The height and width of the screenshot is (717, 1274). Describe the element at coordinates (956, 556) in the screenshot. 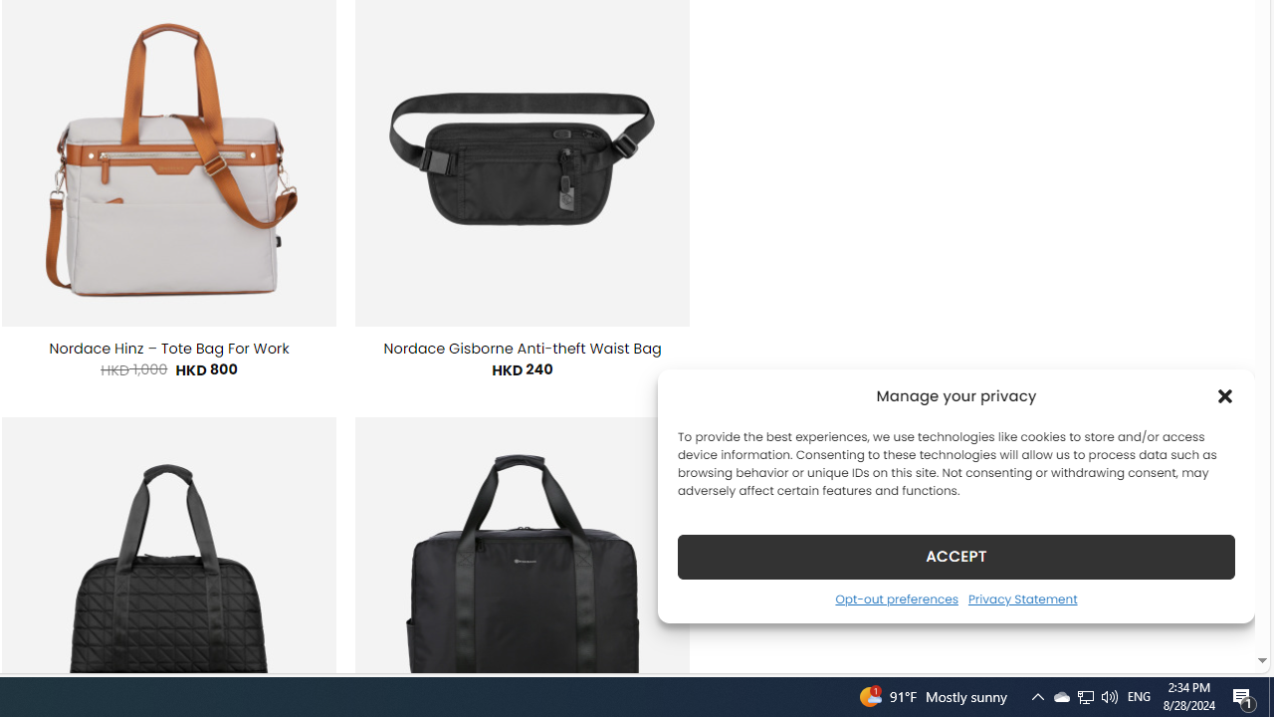

I see `'ACCEPT'` at that location.